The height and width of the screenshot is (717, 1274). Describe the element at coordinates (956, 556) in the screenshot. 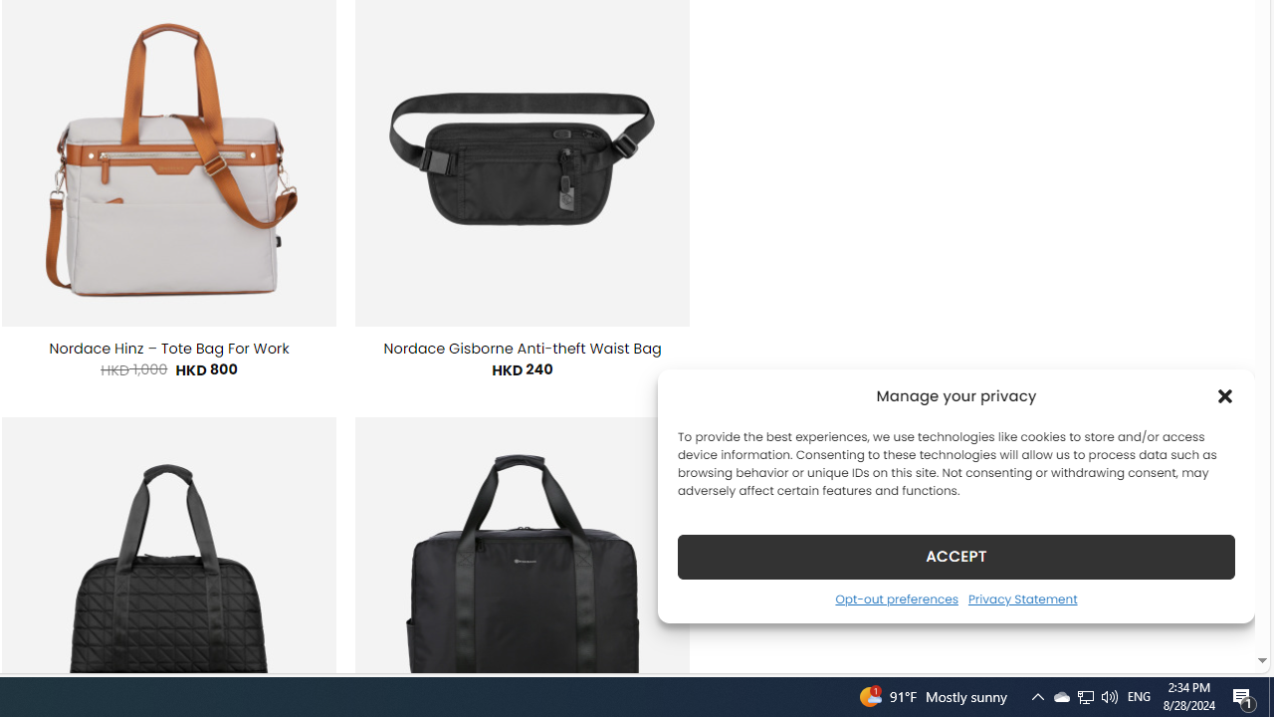

I see `'ACCEPT'` at that location.